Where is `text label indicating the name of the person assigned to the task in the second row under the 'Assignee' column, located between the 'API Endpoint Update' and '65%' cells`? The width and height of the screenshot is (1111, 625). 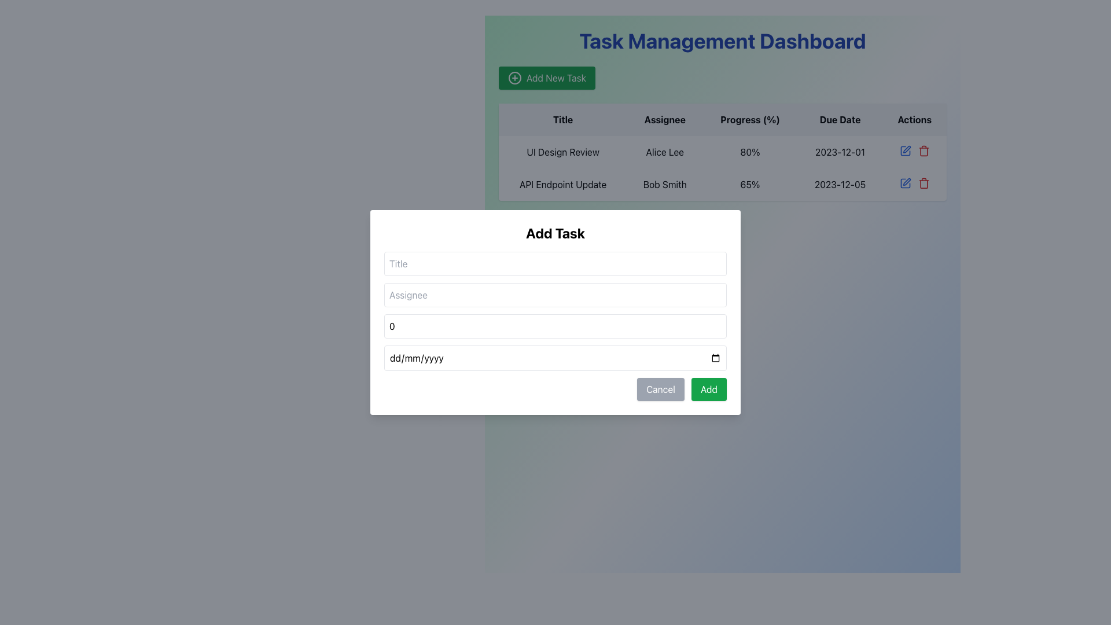 text label indicating the name of the person assigned to the task in the second row under the 'Assignee' column, located between the 'API Endpoint Update' and '65%' cells is located at coordinates (665, 184).